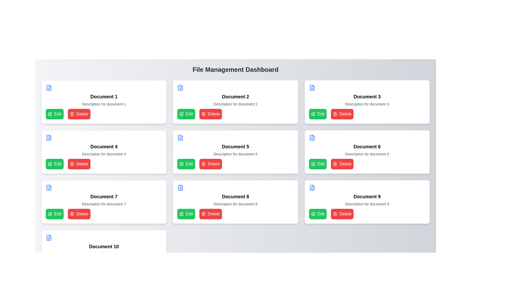 This screenshot has width=505, height=284. Describe the element at coordinates (79, 164) in the screenshot. I see `the delete button for keyboard interaction located at the bottom-left of the 'Document 4' card in the second column of the grid format` at that location.